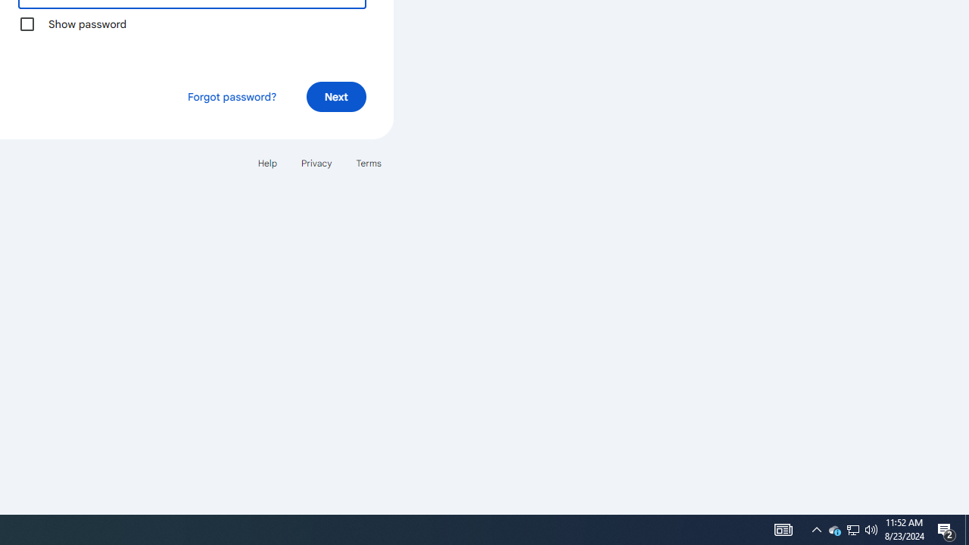 This screenshot has width=969, height=545. I want to click on 'Terms', so click(369, 163).